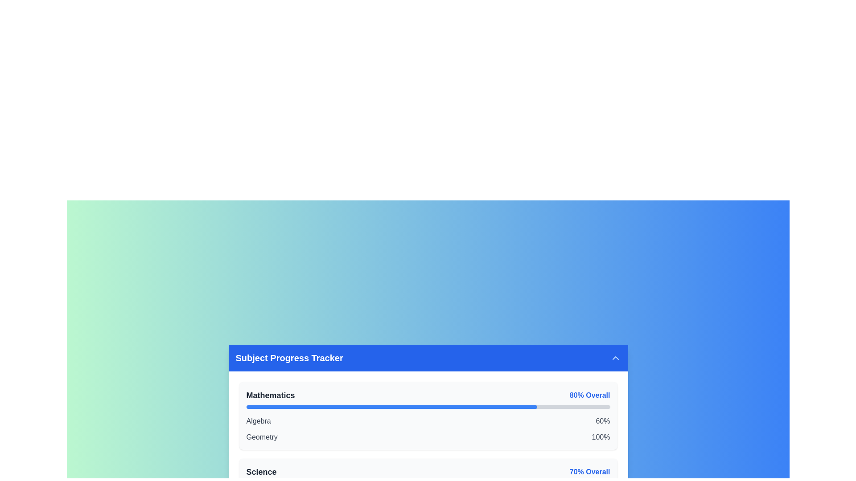  I want to click on the blue-colored progress bar within the 'Mathematics' section of the 'Subject Progress Tracker' panel, which visually indicates completion percentage, so click(391, 407).